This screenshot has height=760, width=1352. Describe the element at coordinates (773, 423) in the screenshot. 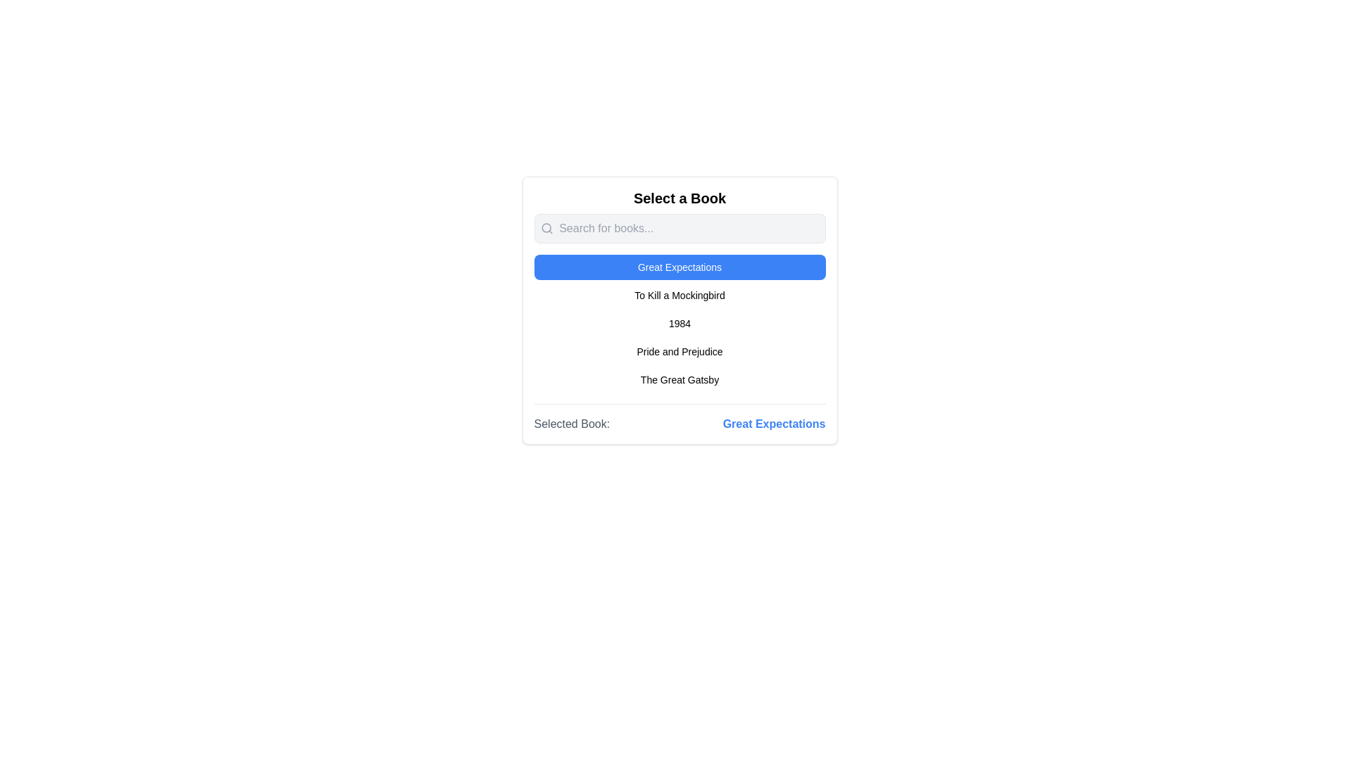

I see `the Text Label that displays the name of the currently selected book, which is positioned to the right of the text 'Selected Book:' in the bottom section of the frame` at that location.